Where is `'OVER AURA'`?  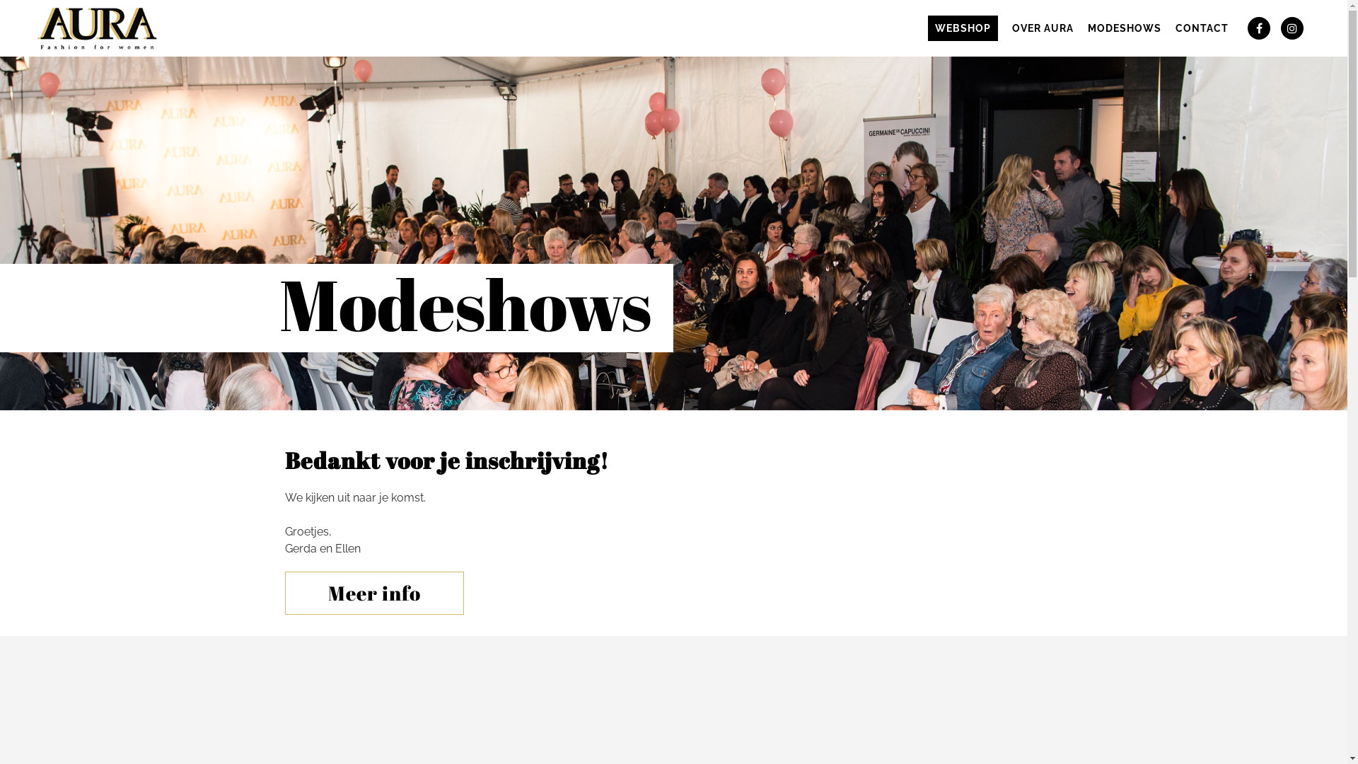
'OVER AURA' is located at coordinates (1043, 28).